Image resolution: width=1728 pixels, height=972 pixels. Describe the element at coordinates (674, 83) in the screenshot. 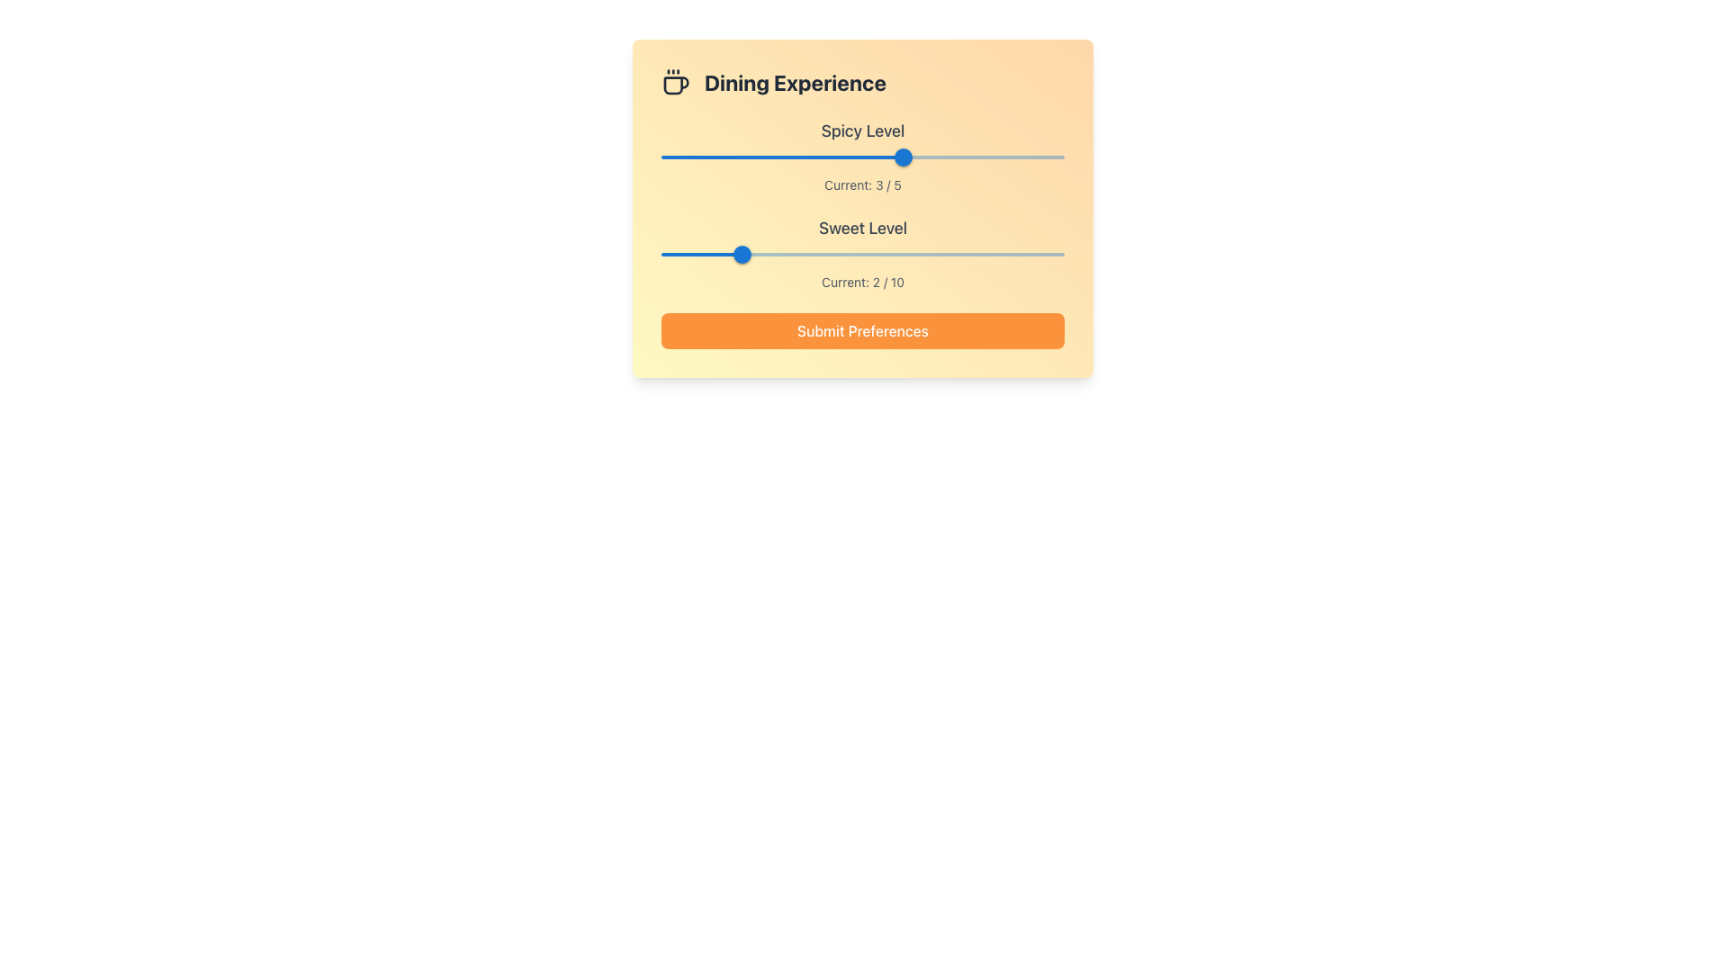

I see `the coffee cup icon, which is a minimalistic line design situated to the left of the text 'Dining Experience'` at that location.